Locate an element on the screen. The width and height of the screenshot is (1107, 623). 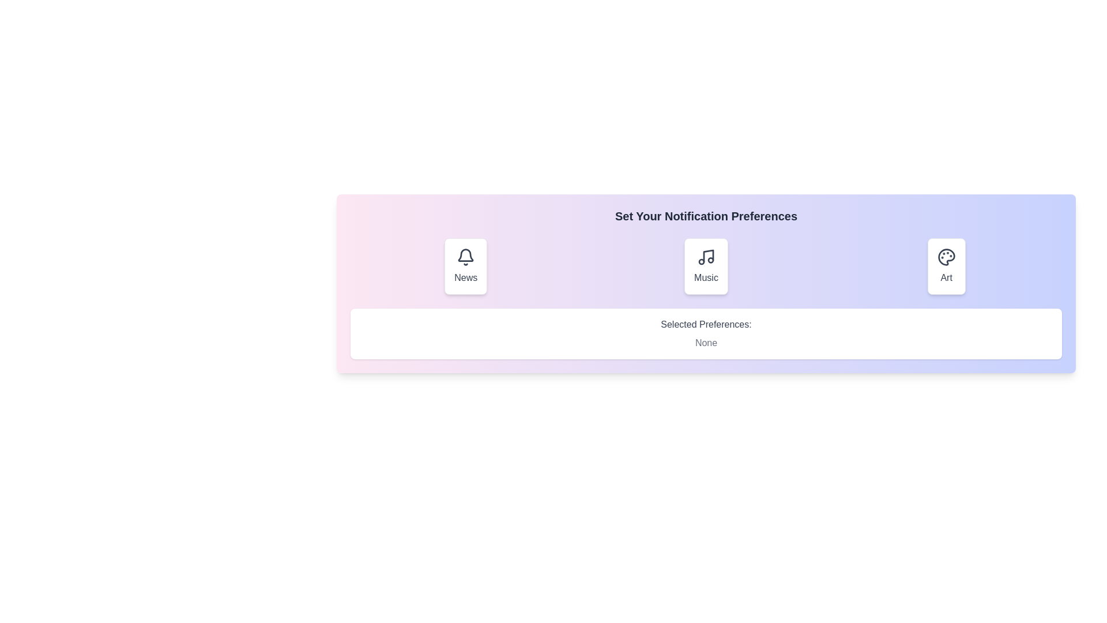
the 'Music' text label located at the bottom of the music card, which is displayed in a sans-serif font is located at coordinates (705, 278).